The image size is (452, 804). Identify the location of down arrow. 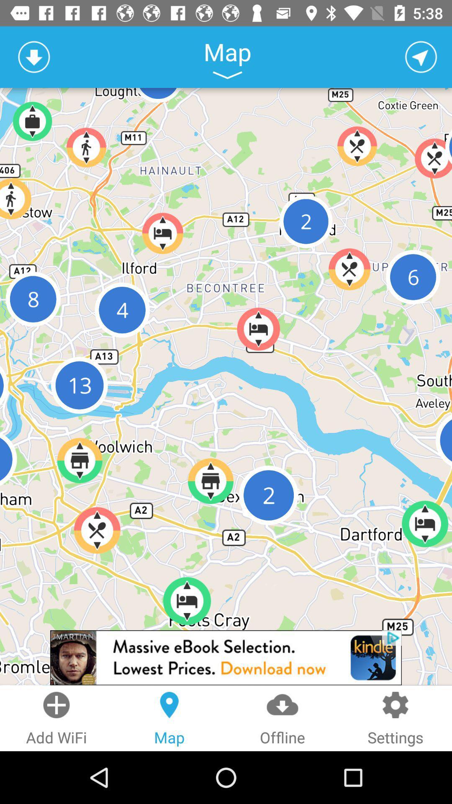
(33, 57).